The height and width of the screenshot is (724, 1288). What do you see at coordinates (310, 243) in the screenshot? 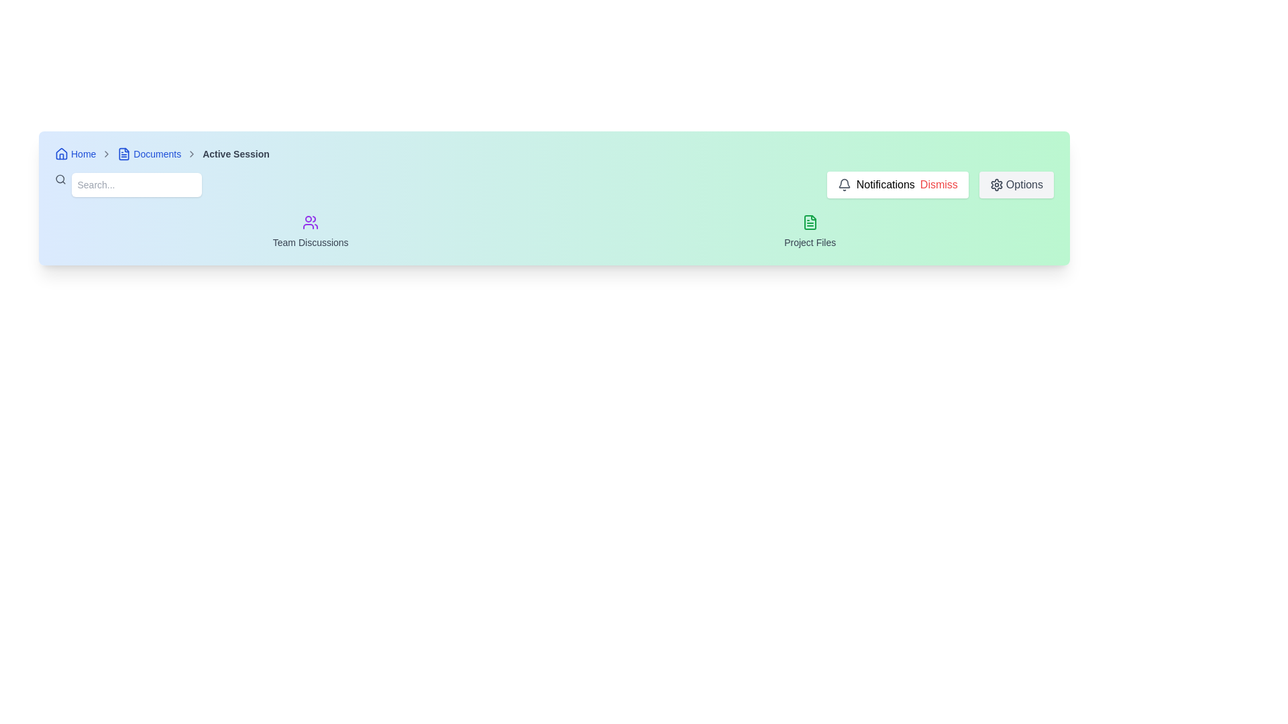
I see `the text label that indicates the purpose of the section related to team discussions, which is the second element in a vertically aligned group beneath the icon depicting multiple users` at bounding box center [310, 243].